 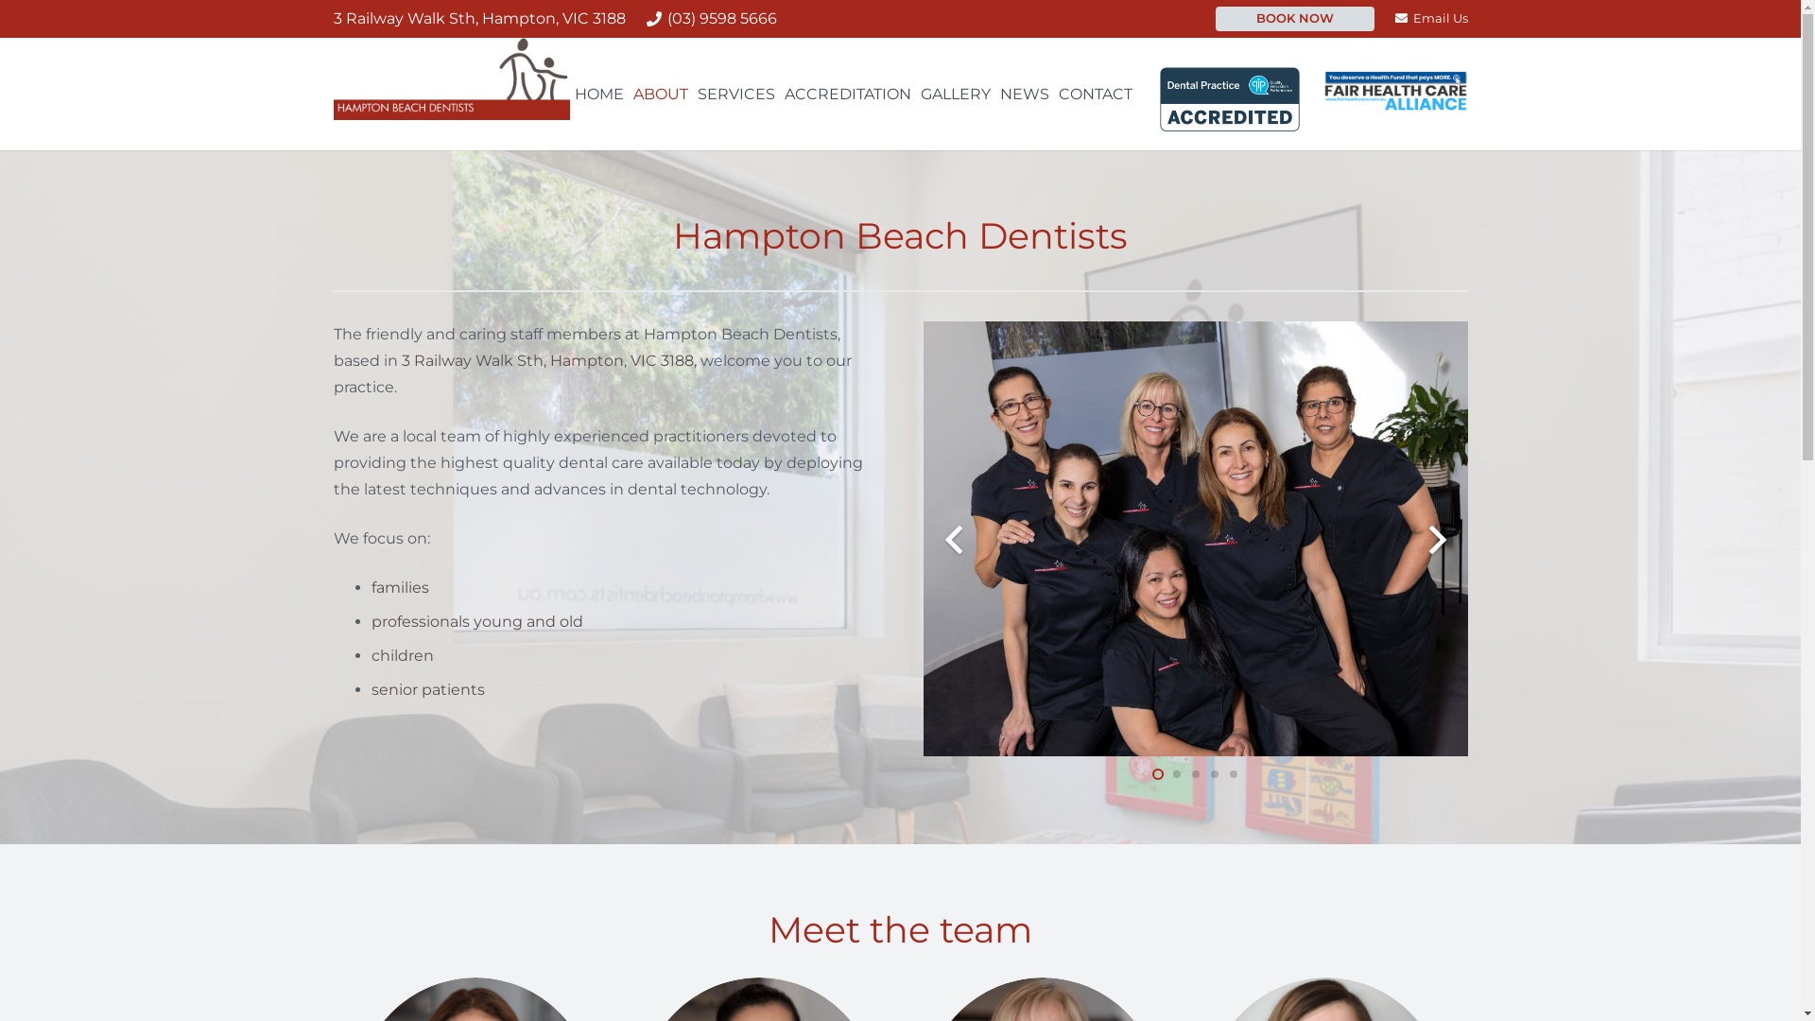 I want to click on 'BOOK NOW', so click(x=1293, y=18).